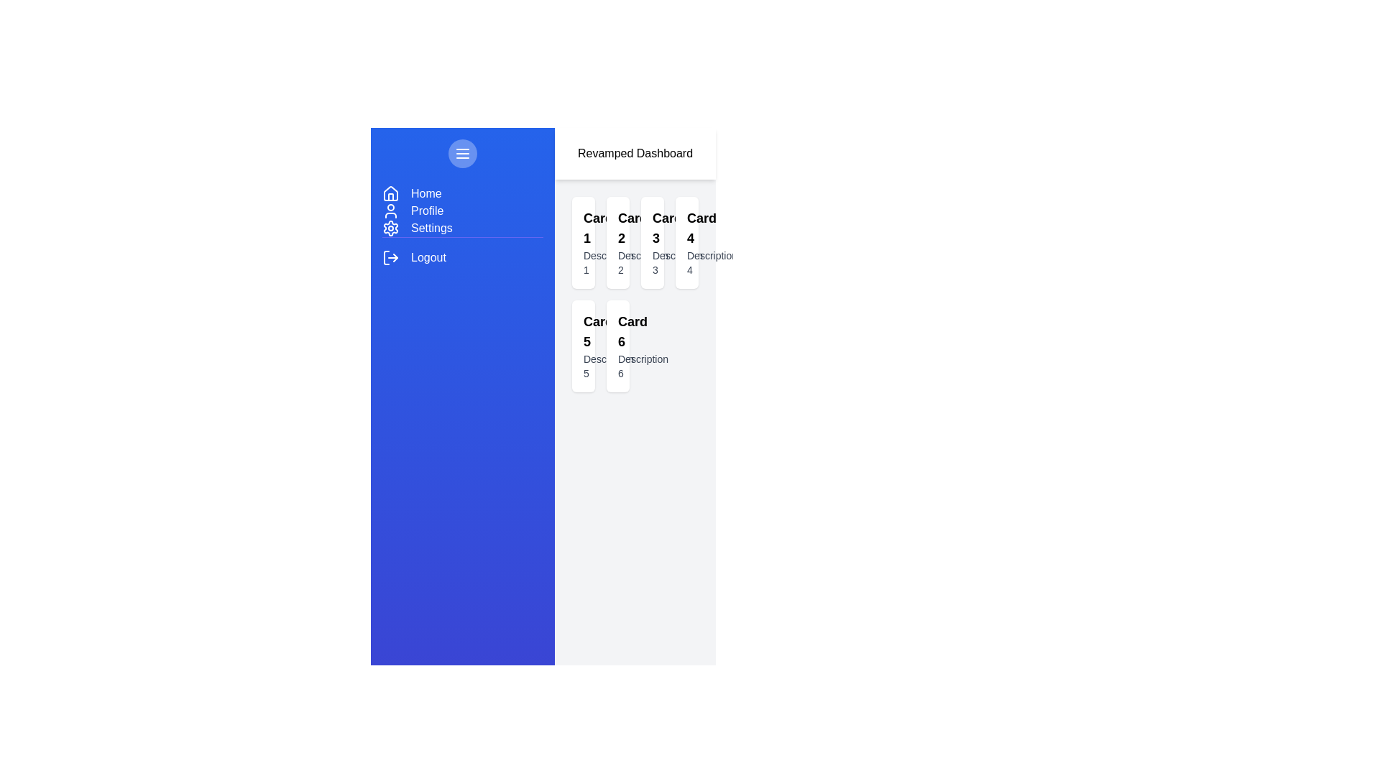  What do you see at coordinates (386, 257) in the screenshot?
I see `the decorative part of the logout icon located in the vertical menu sidebar, adjacent to the 'Logout' text label` at bounding box center [386, 257].